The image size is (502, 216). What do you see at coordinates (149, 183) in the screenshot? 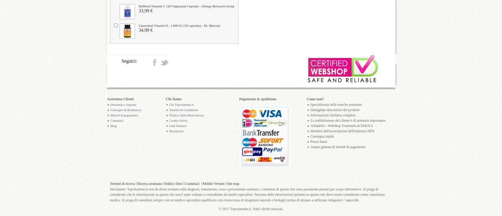
I see `'Ricerca avanzata'` at bounding box center [149, 183].